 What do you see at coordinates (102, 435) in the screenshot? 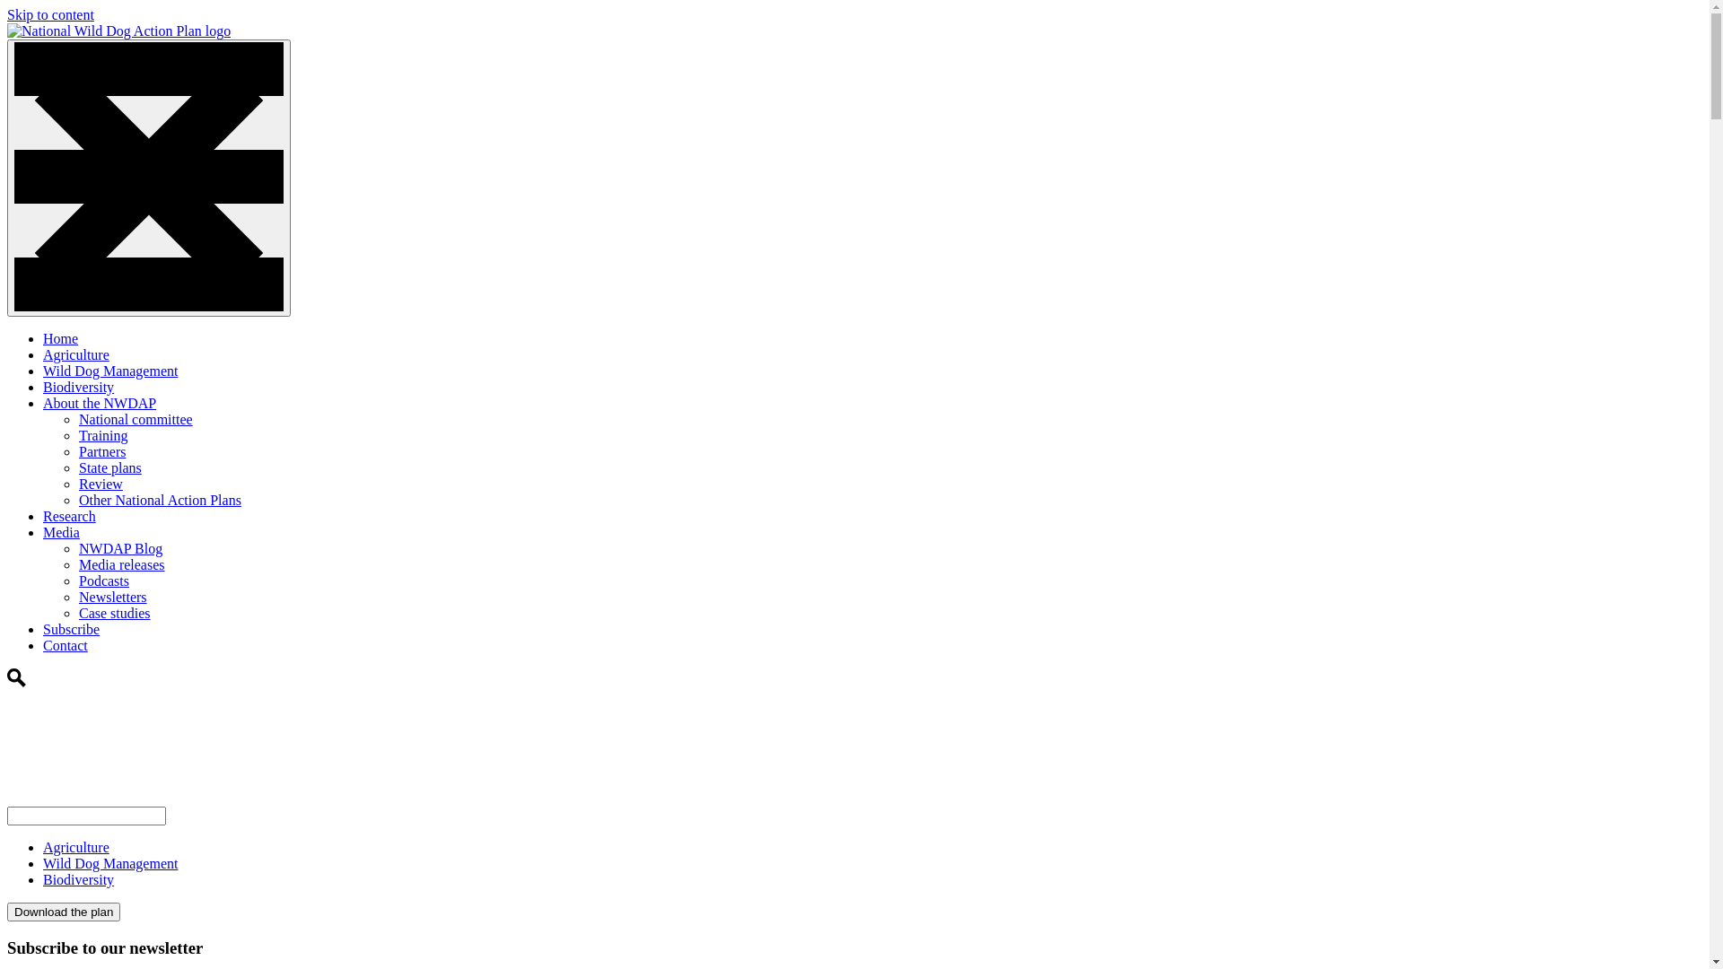
I see `'Training'` at bounding box center [102, 435].